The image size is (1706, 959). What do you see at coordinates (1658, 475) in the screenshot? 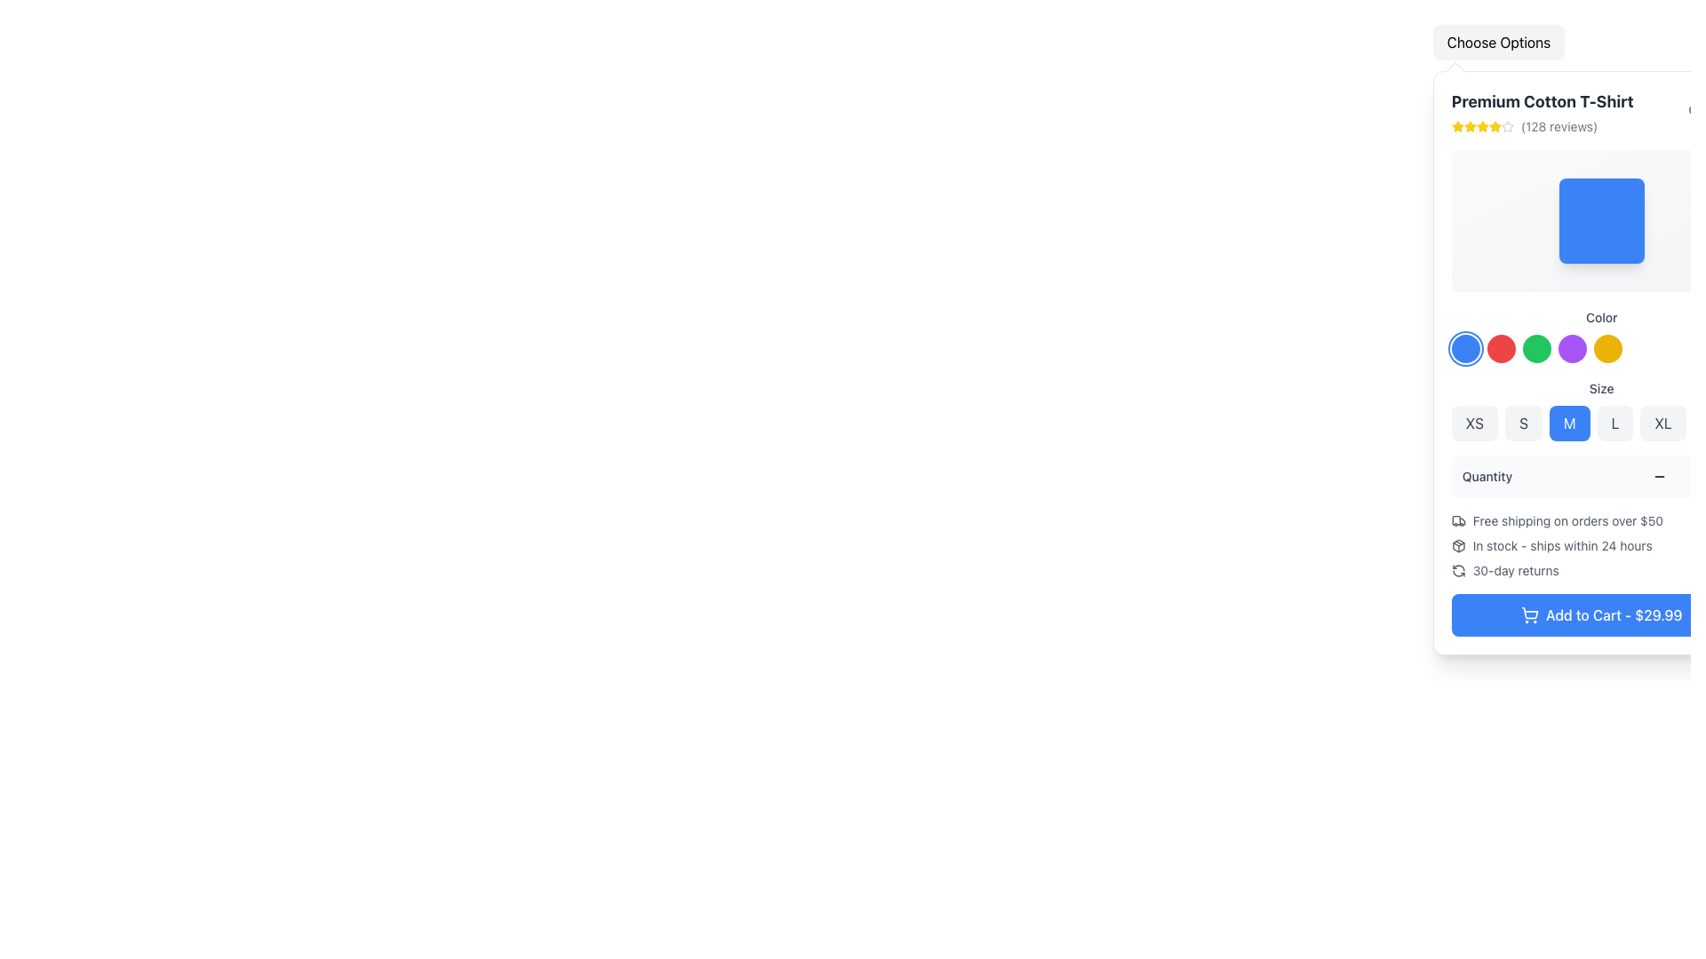
I see `the decrement button located in the 'Quantity' section of the product details page, next to the quantity input field` at bounding box center [1658, 475].